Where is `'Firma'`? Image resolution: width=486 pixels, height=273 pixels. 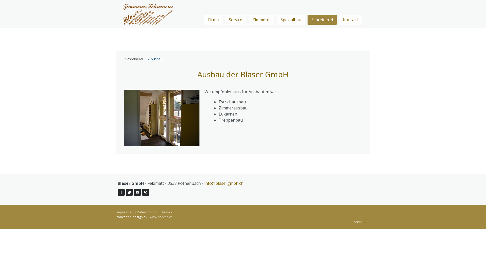 'Firma' is located at coordinates (213, 19).